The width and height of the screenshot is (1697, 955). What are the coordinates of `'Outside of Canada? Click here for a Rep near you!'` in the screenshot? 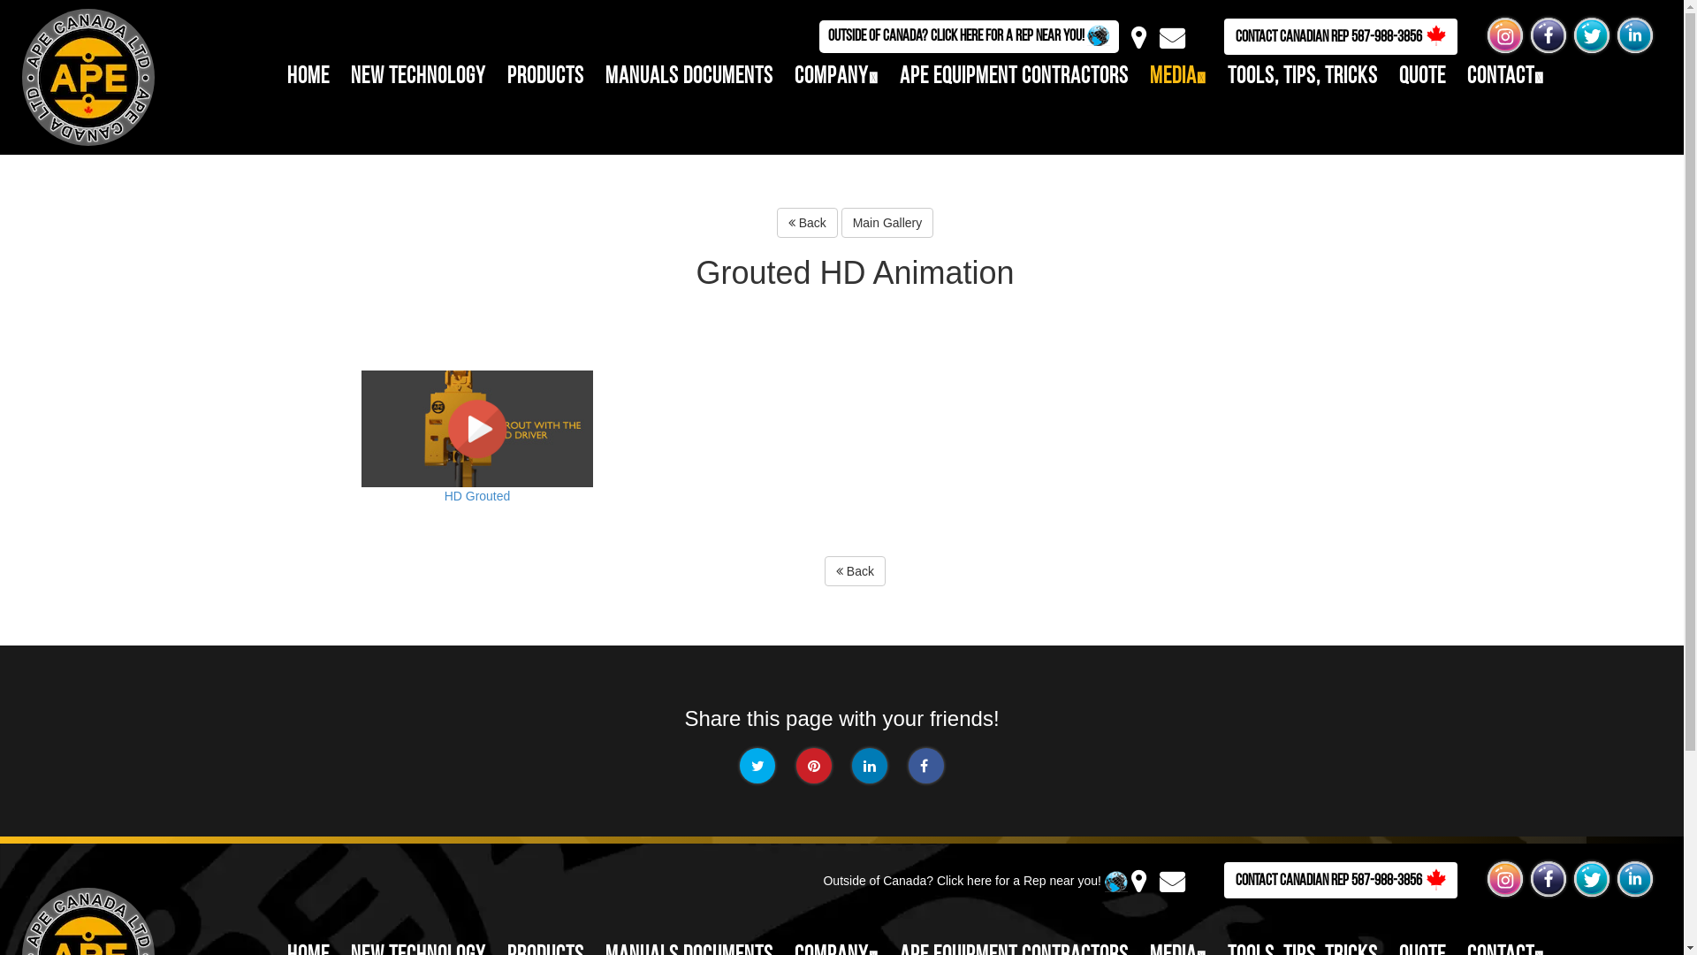 It's located at (968, 36).